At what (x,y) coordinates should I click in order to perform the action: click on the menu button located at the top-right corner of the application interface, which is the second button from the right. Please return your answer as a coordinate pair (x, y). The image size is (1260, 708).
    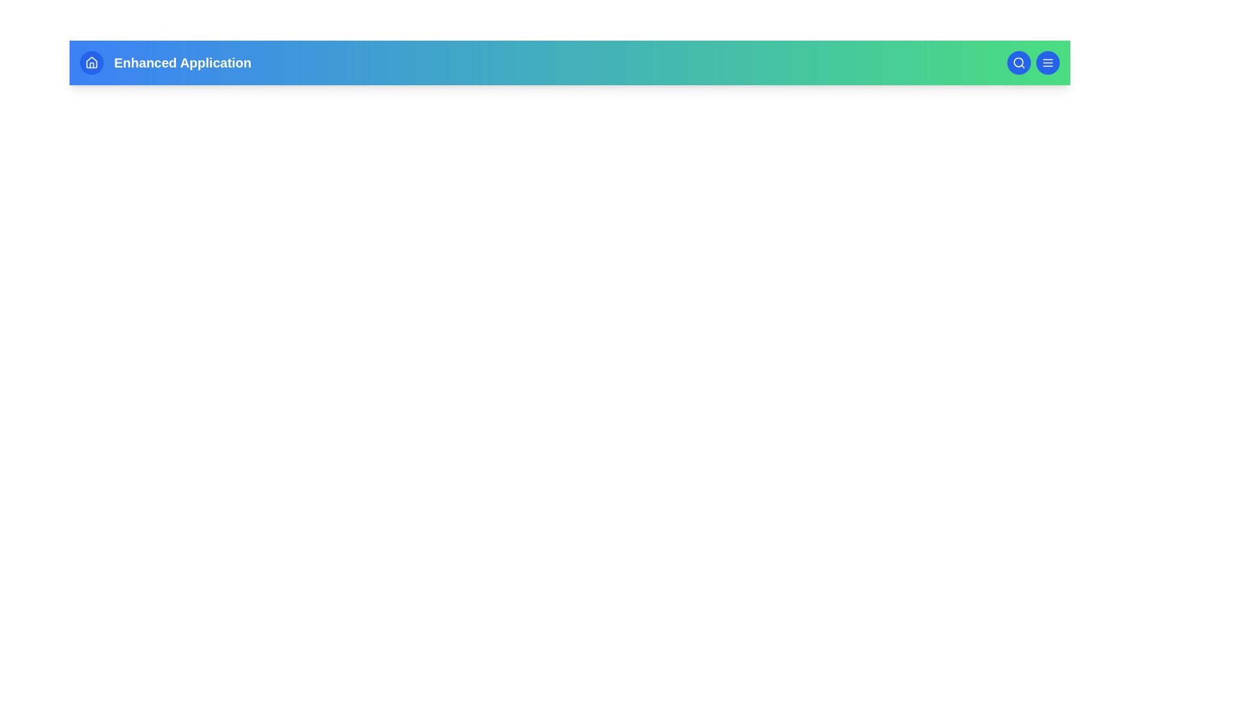
    Looking at the image, I should click on (1047, 63).